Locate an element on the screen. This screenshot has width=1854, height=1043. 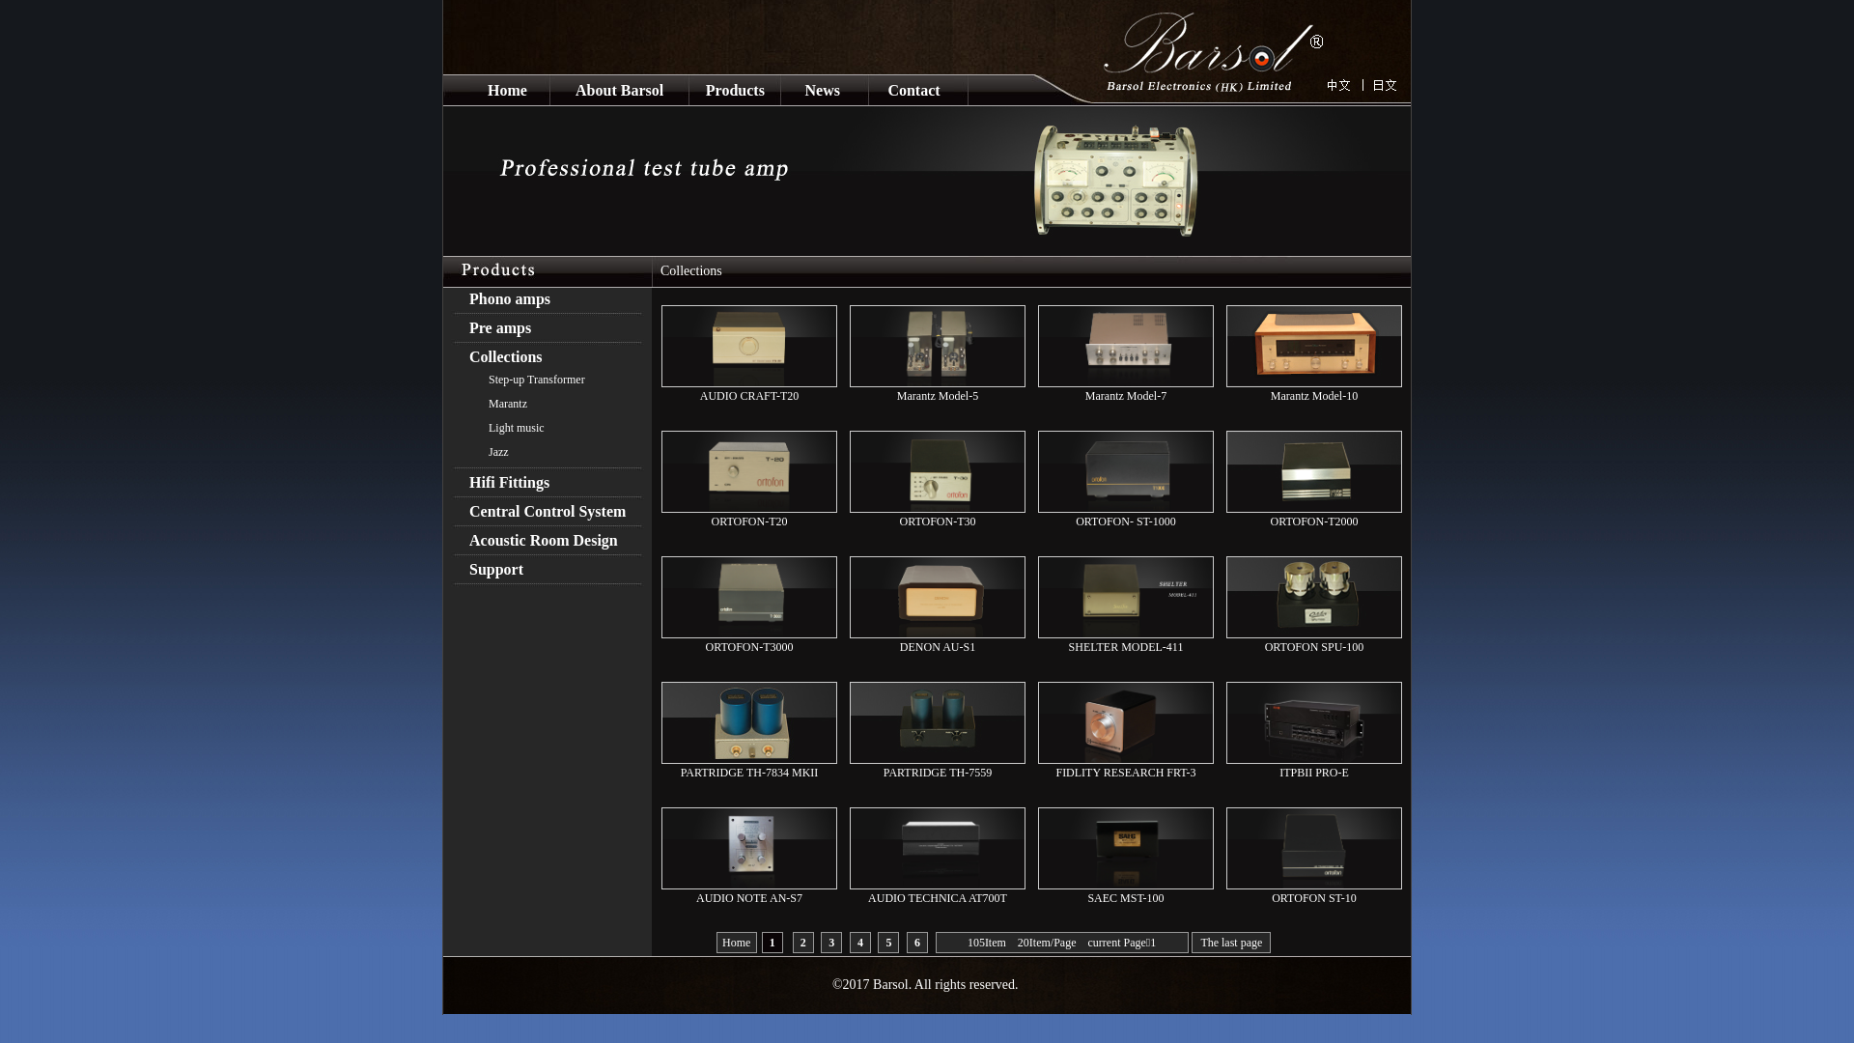
'DENON AU-S1' is located at coordinates (937, 647).